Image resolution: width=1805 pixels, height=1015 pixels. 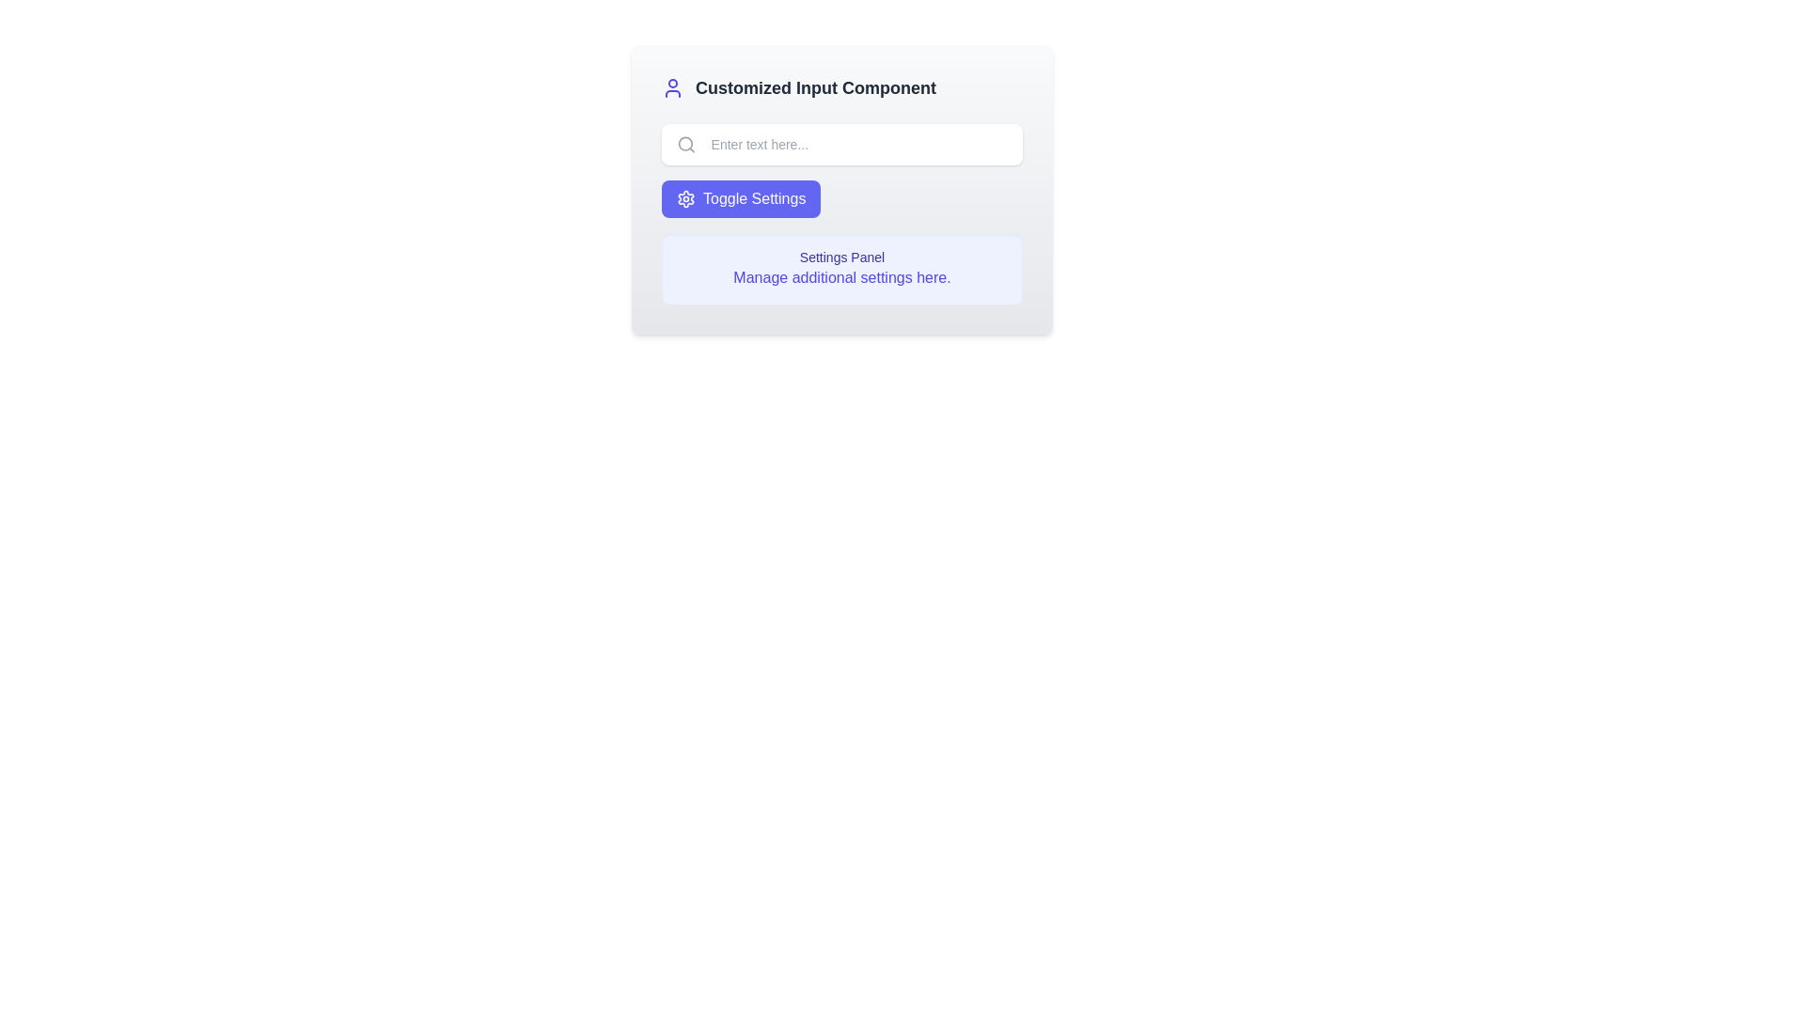 I want to click on the gray magnifying glass search icon located to the left of the text input field in the input group, so click(x=685, y=144).